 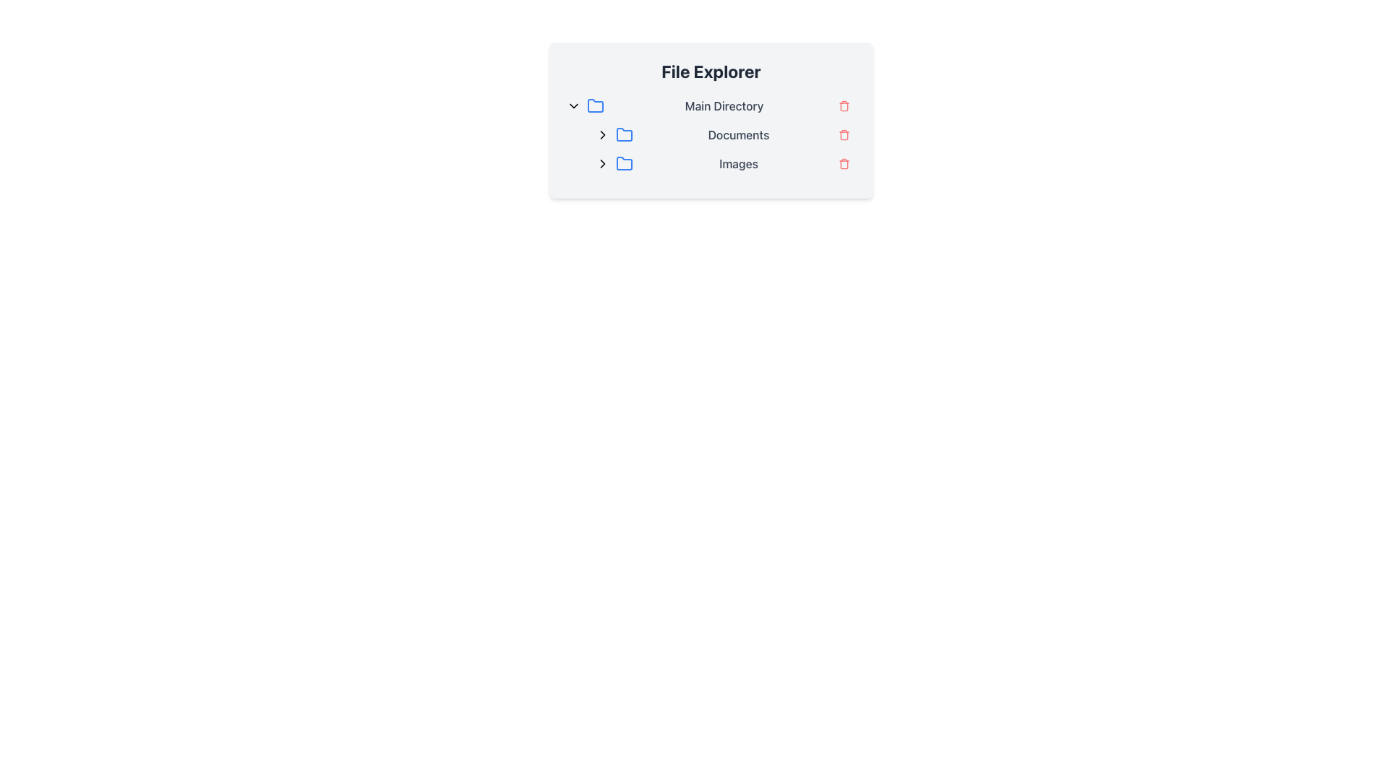 I want to click on the delete icon button located at the far right of the 'Documents' row in the File Explorer interface to initiate the delete action, so click(x=844, y=134).